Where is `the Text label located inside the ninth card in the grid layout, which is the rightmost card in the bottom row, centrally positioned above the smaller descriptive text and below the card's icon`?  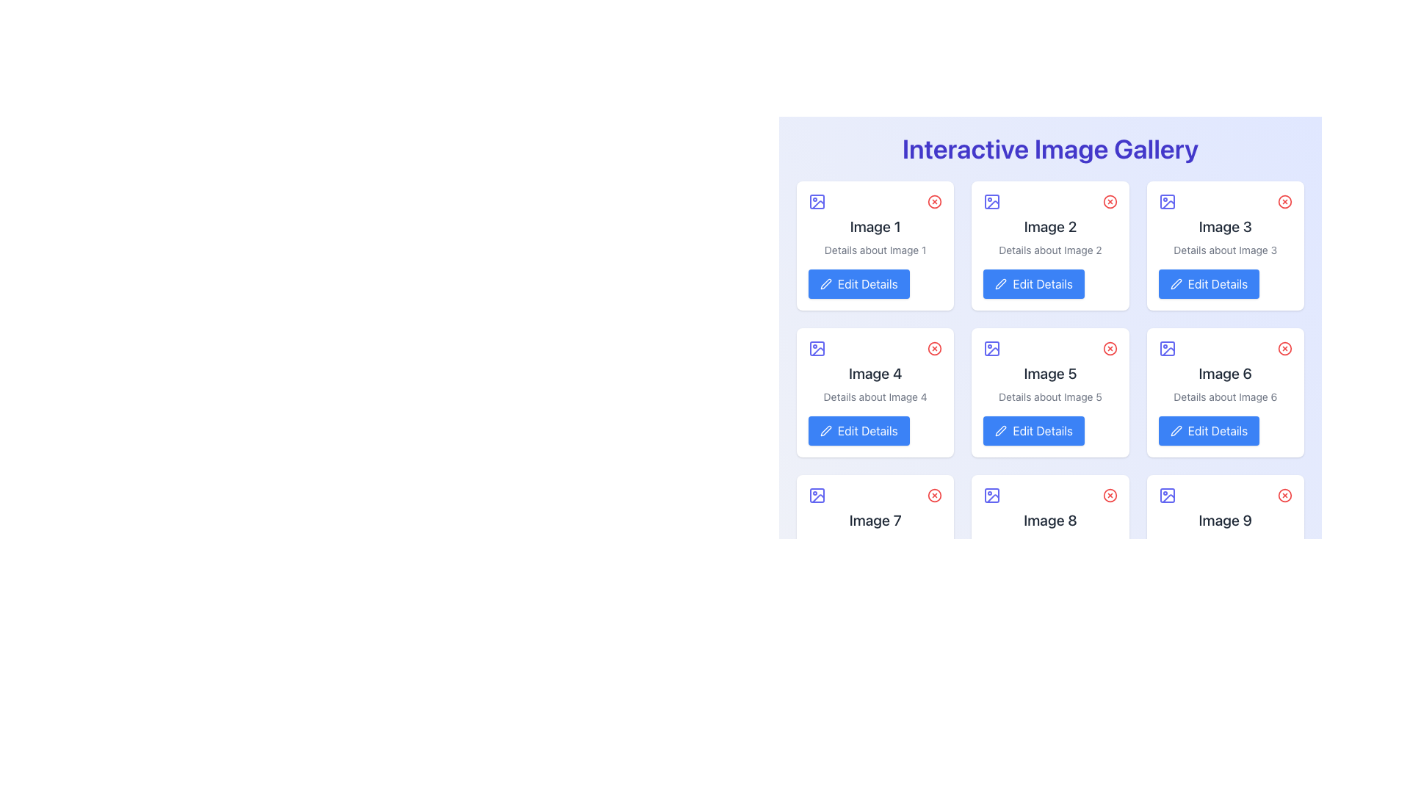
the Text label located inside the ninth card in the grid layout, which is the rightmost card in the bottom row, centrally positioned above the smaller descriptive text and below the card's icon is located at coordinates (1225, 520).